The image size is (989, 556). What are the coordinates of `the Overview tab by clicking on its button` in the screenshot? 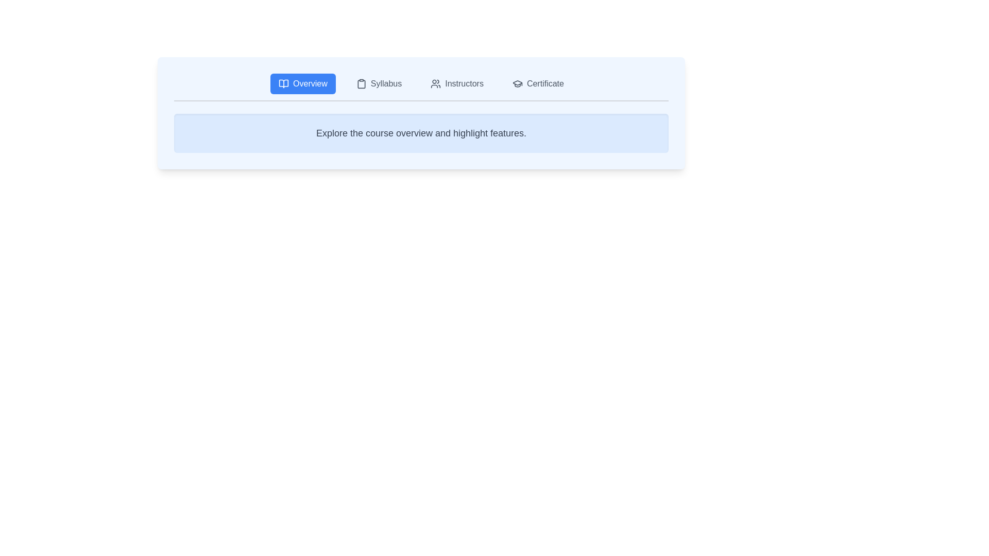 It's located at (302, 83).